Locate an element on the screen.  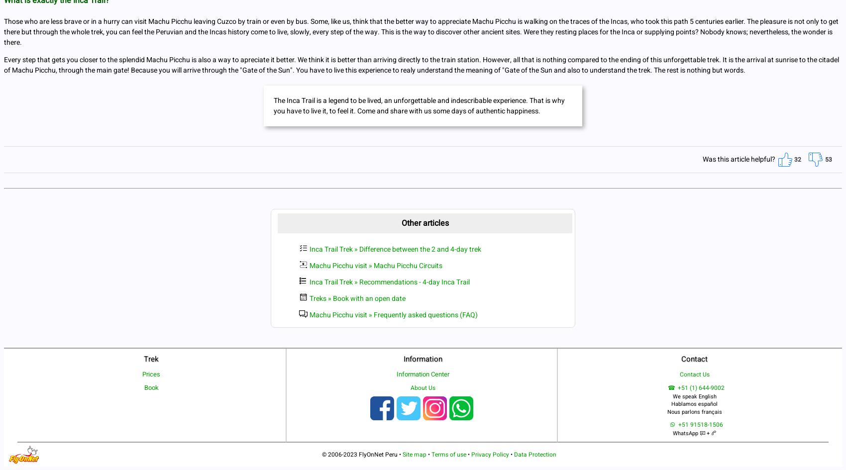
'Machu Picchu visit » Frequently asked questions (FAQ)' is located at coordinates (309, 314).